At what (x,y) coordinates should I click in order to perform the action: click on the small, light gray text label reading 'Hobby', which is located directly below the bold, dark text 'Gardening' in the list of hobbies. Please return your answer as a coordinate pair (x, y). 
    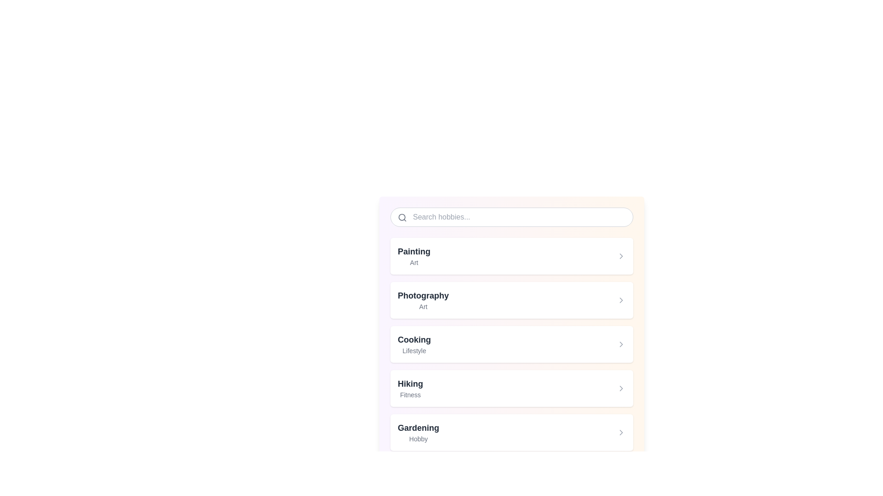
    Looking at the image, I should click on (418, 439).